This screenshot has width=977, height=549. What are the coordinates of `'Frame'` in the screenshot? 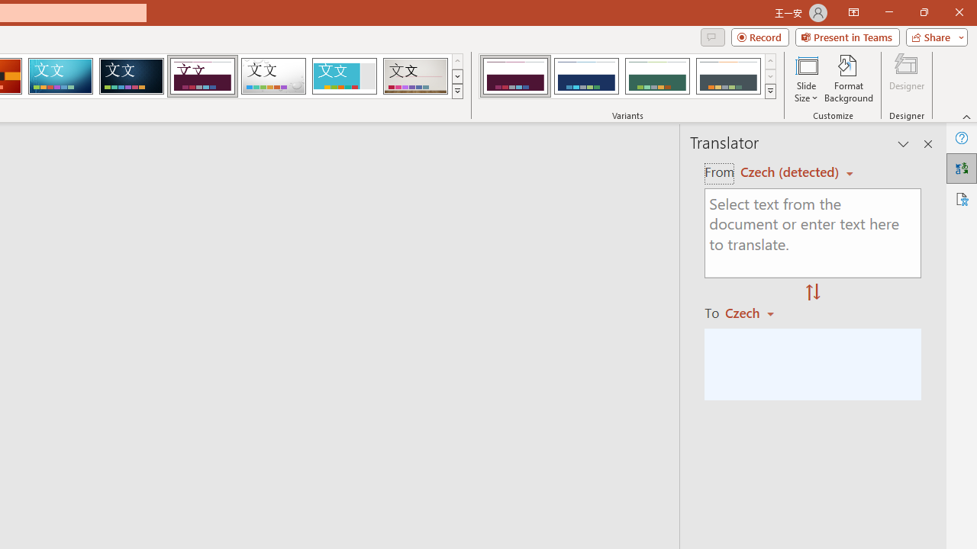 It's located at (343, 76).